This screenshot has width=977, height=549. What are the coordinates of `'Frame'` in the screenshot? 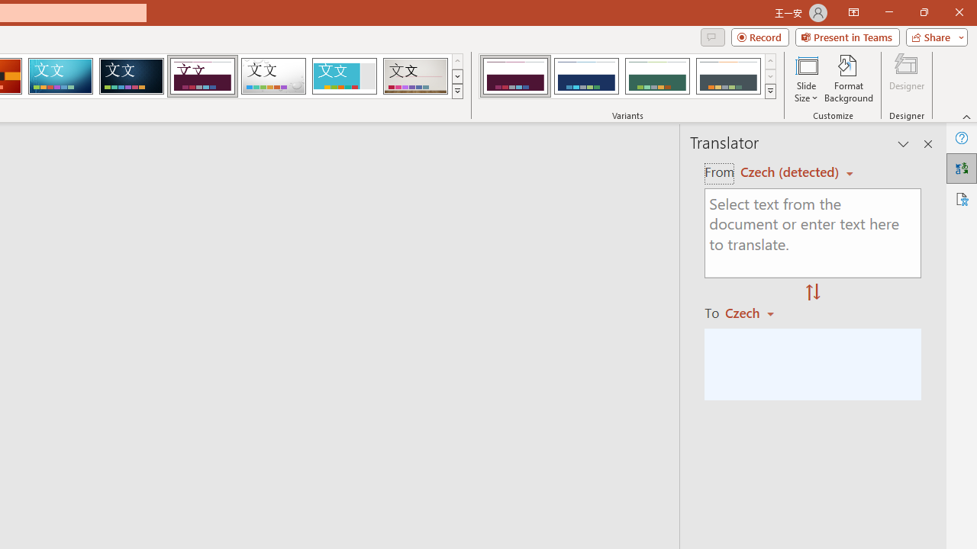 It's located at (343, 76).